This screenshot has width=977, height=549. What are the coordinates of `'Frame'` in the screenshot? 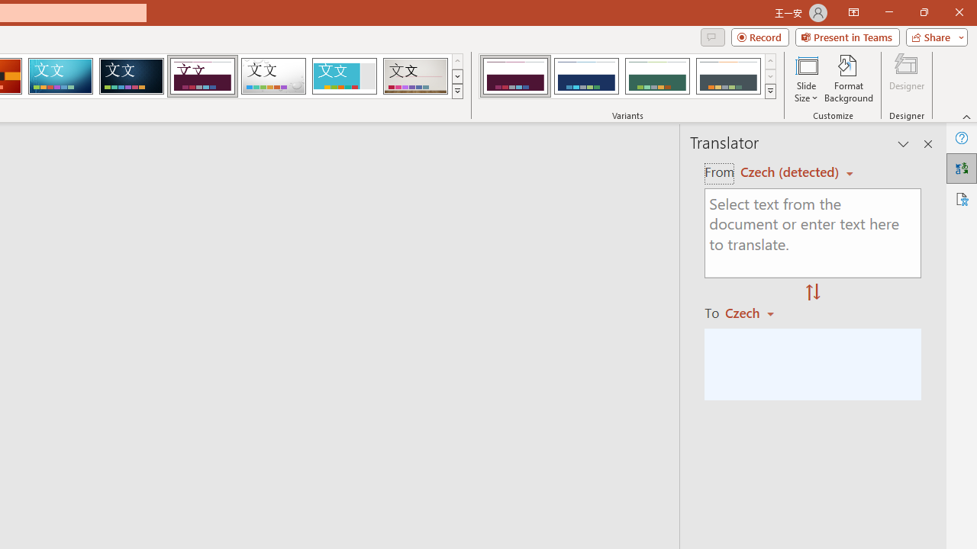 It's located at (343, 76).